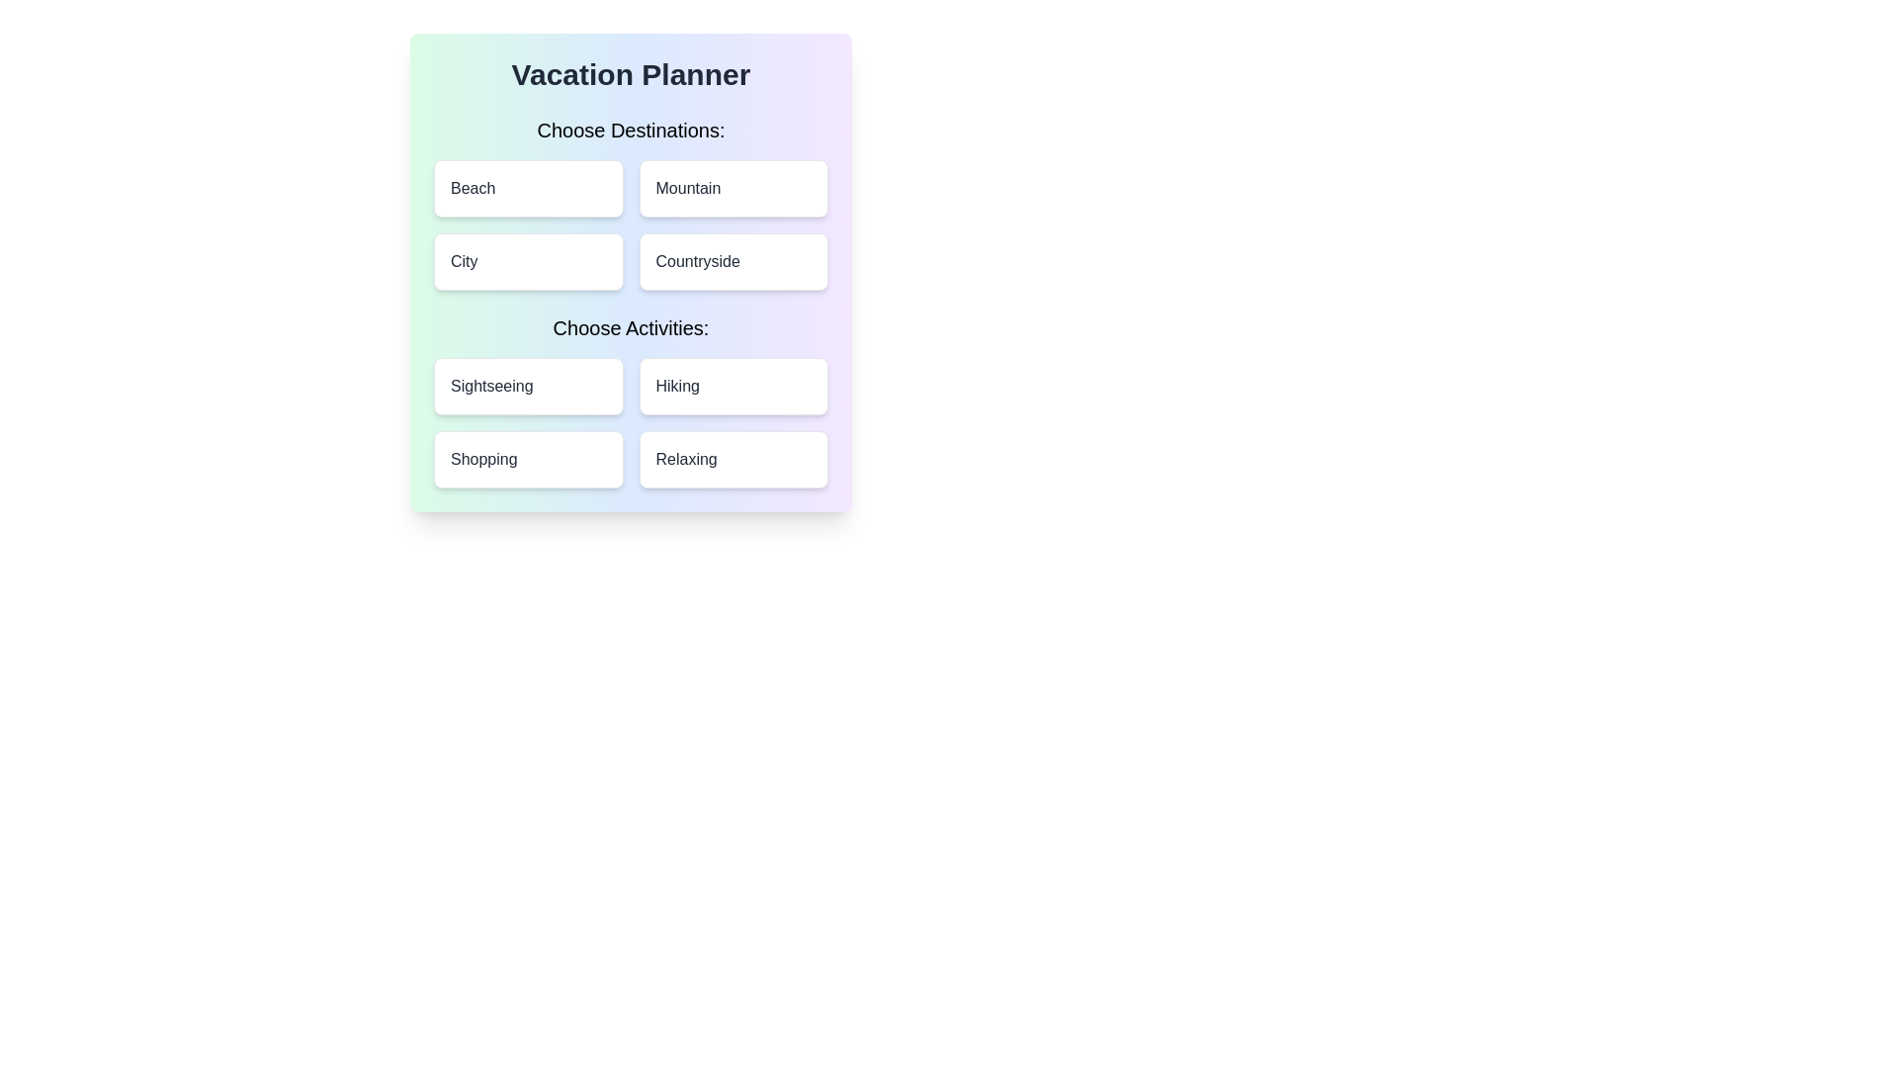 This screenshot has height=1068, width=1898. What do you see at coordinates (630, 400) in the screenshot?
I see `a button within the Grid containing buttons located below the 'Choose Activities:' header in the 'Vacation Planner' card` at bounding box center [630, 400].